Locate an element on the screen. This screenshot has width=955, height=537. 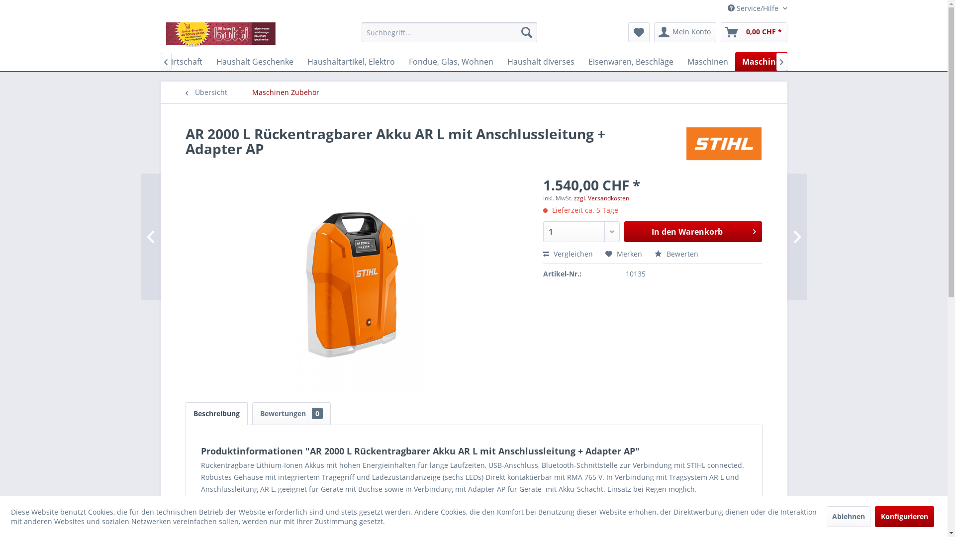
'Haushalt diverses' is located at coordinates (540, 61).